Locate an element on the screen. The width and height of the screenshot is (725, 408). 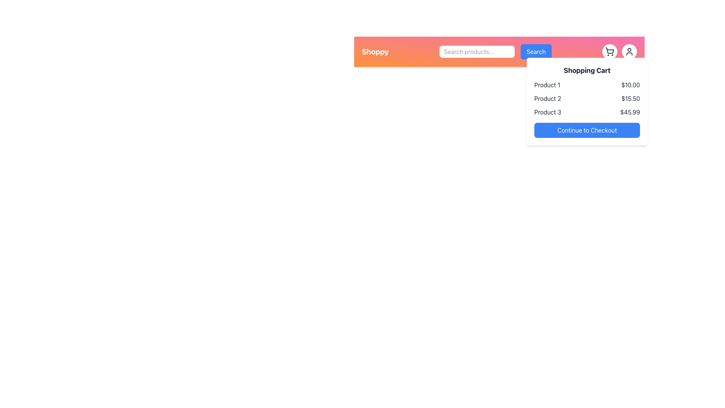
text of the first product name in the shopping cart dropdown interface, located on the left side of the product entry is located at coordinates (547, 85).